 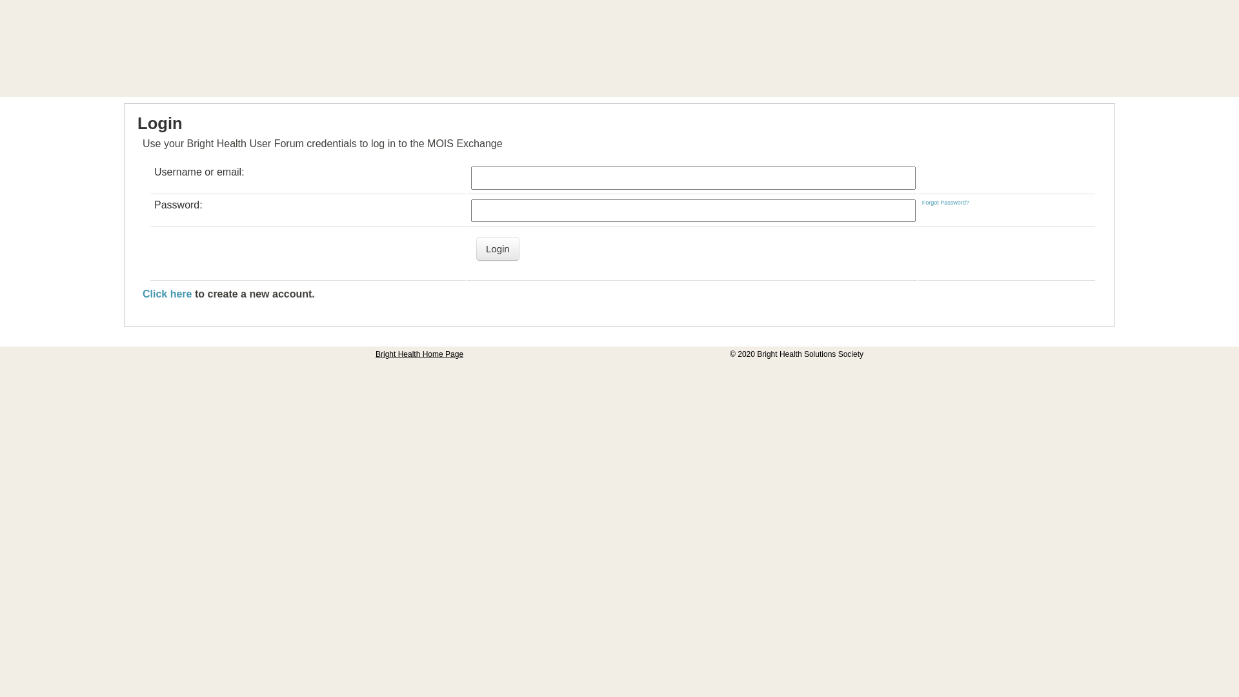 What do you see at coordinates (945, 202) in the screenshot?
I see `'Forgot Password?'` at bounding box center [945, 202].